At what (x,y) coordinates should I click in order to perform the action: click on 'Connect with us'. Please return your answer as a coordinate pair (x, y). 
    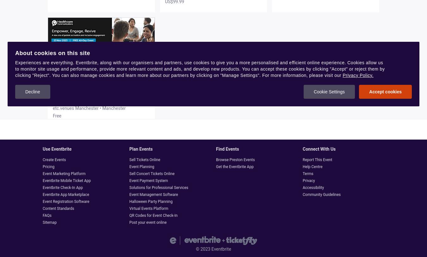
    Looking at the image, I should click on (319, 149).